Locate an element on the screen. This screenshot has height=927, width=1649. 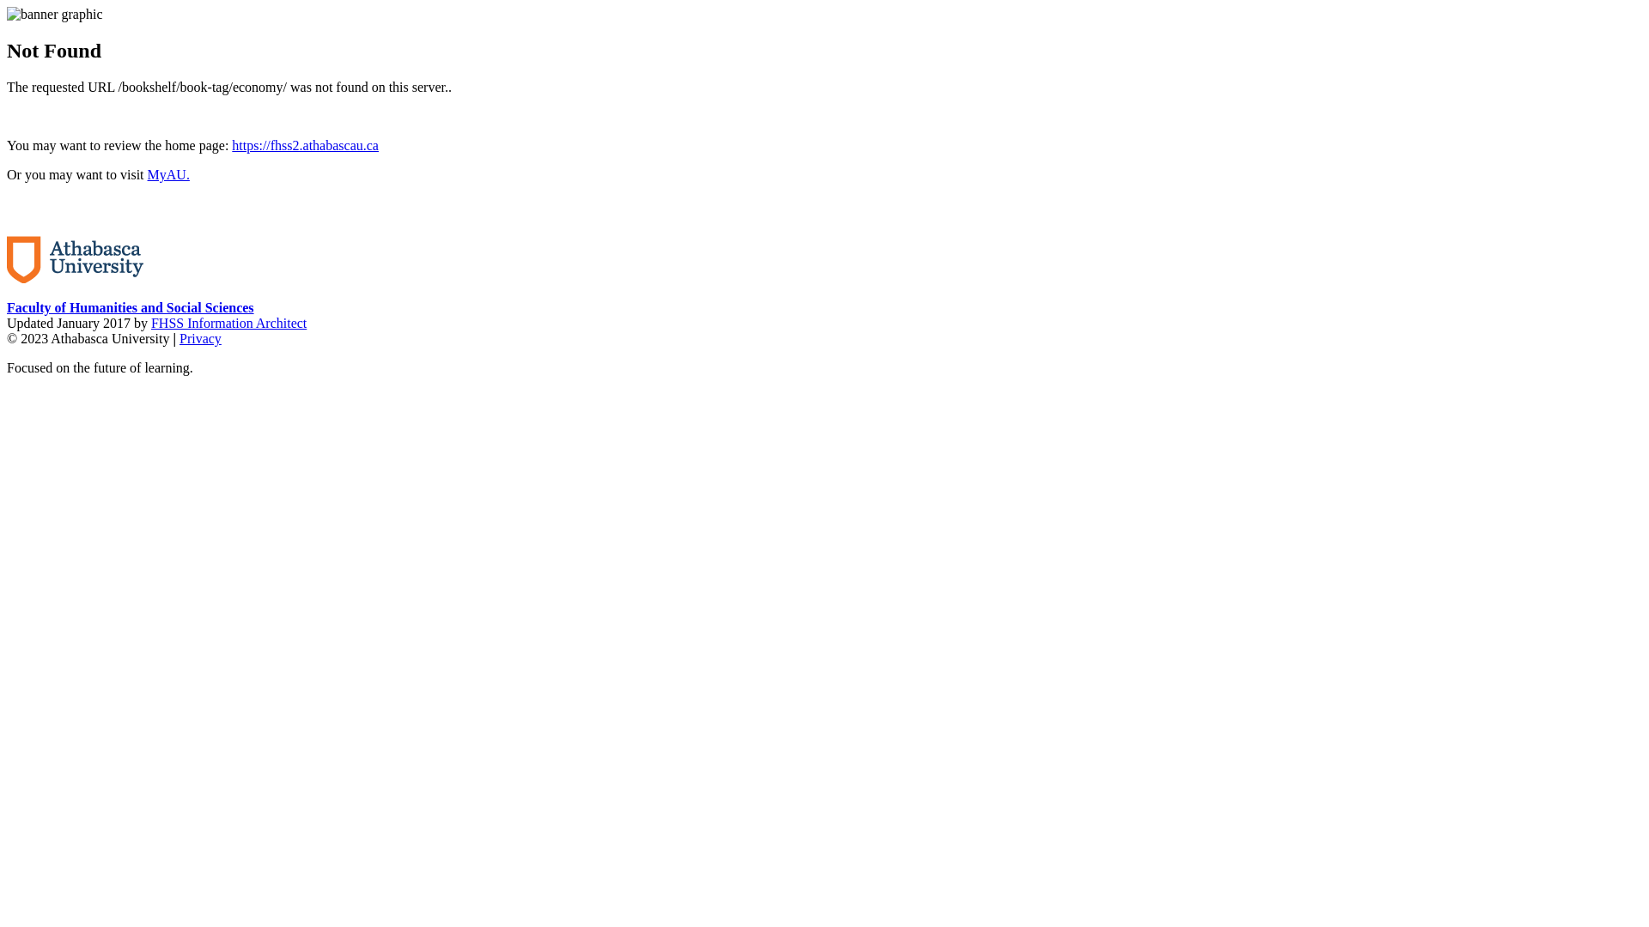
'Faculty of Humanities and Social Sciences' is located at coordinates (130, 306).